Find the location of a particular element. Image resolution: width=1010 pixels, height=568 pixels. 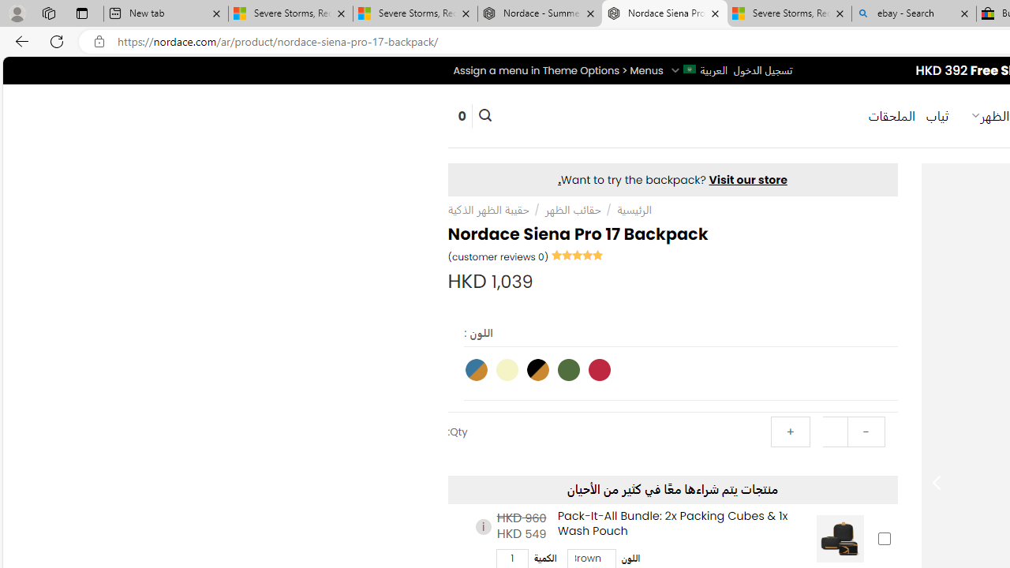

'  0' is located at coordinates (461, 114).